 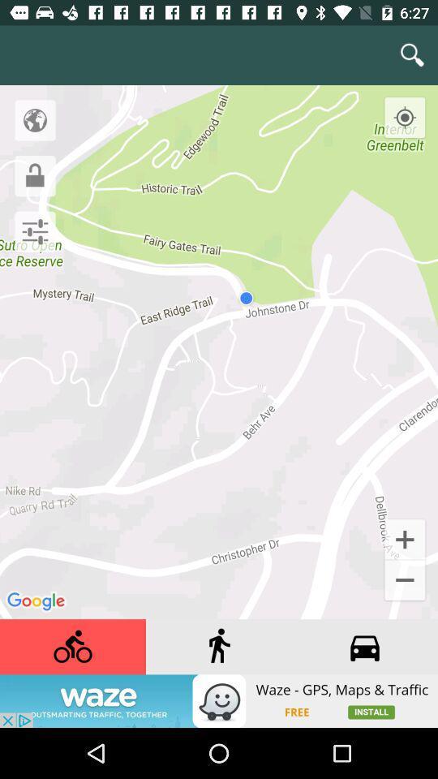 What do you see at coordinates (412, 55) in the screenshot?
I see `tap the search icon at the top right corner` at bounding box center [412, 55].